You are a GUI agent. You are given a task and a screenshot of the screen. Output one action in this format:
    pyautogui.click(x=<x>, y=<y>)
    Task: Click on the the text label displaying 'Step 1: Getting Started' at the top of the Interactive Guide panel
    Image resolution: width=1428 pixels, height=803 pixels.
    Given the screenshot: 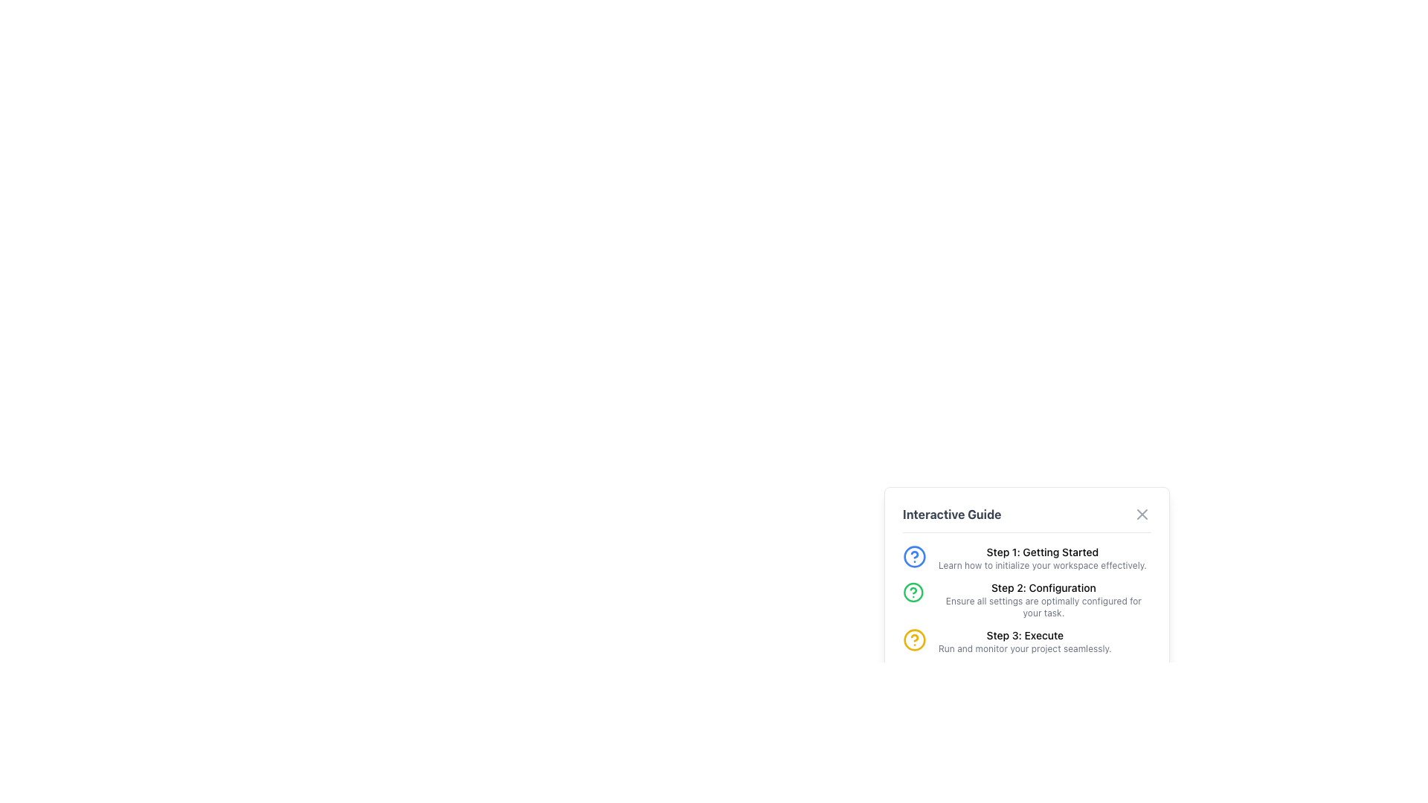 What is the action you would take?
    pyautogui.click(x=1041, y=552)
    